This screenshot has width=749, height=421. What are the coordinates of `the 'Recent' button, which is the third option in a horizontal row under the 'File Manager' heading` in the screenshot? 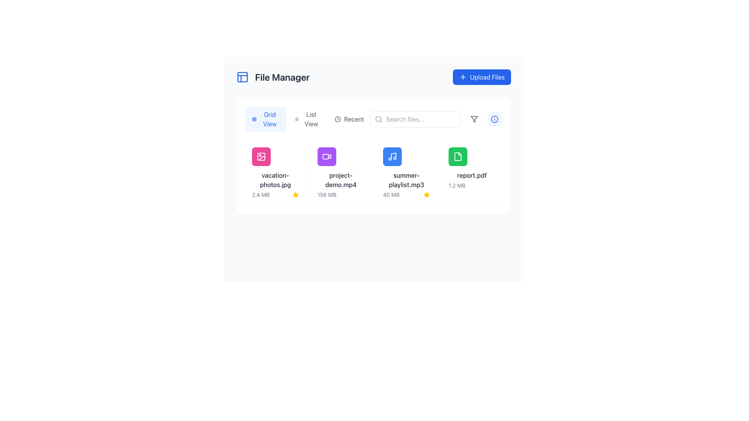 It's located at (349, 119).